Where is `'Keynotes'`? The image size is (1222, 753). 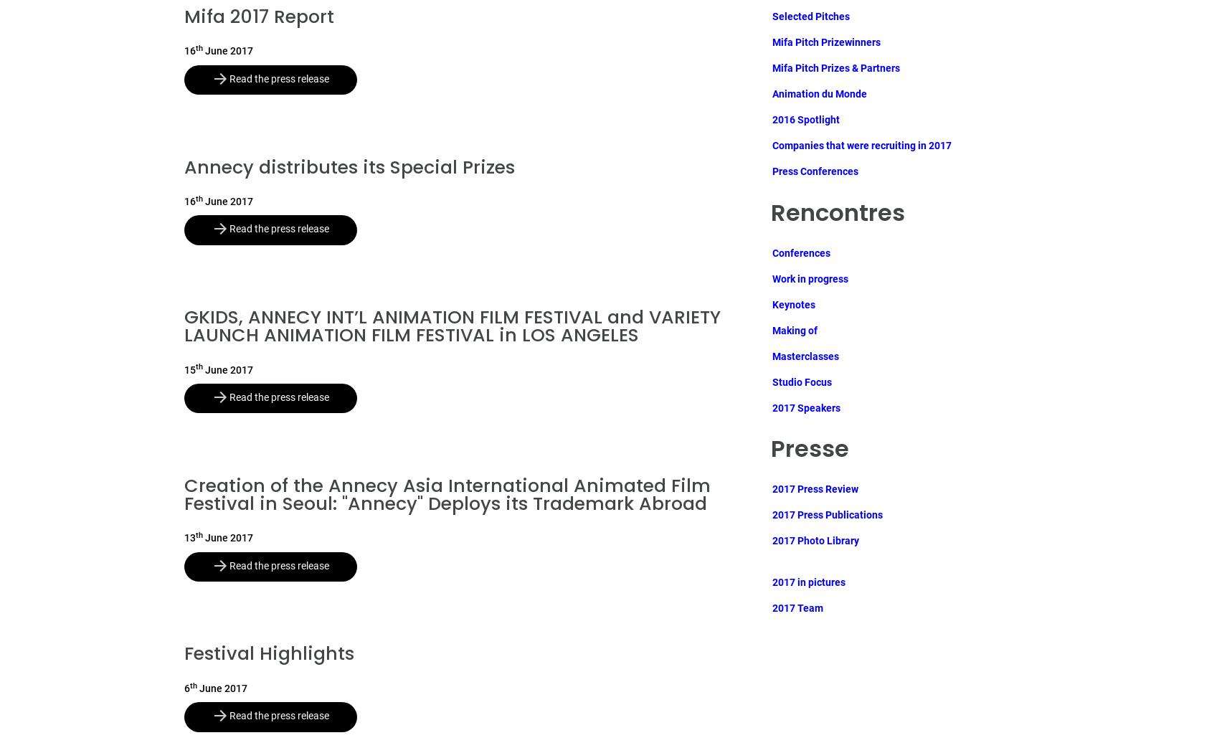 'Keynotes' is located at coordinates (792, 303).